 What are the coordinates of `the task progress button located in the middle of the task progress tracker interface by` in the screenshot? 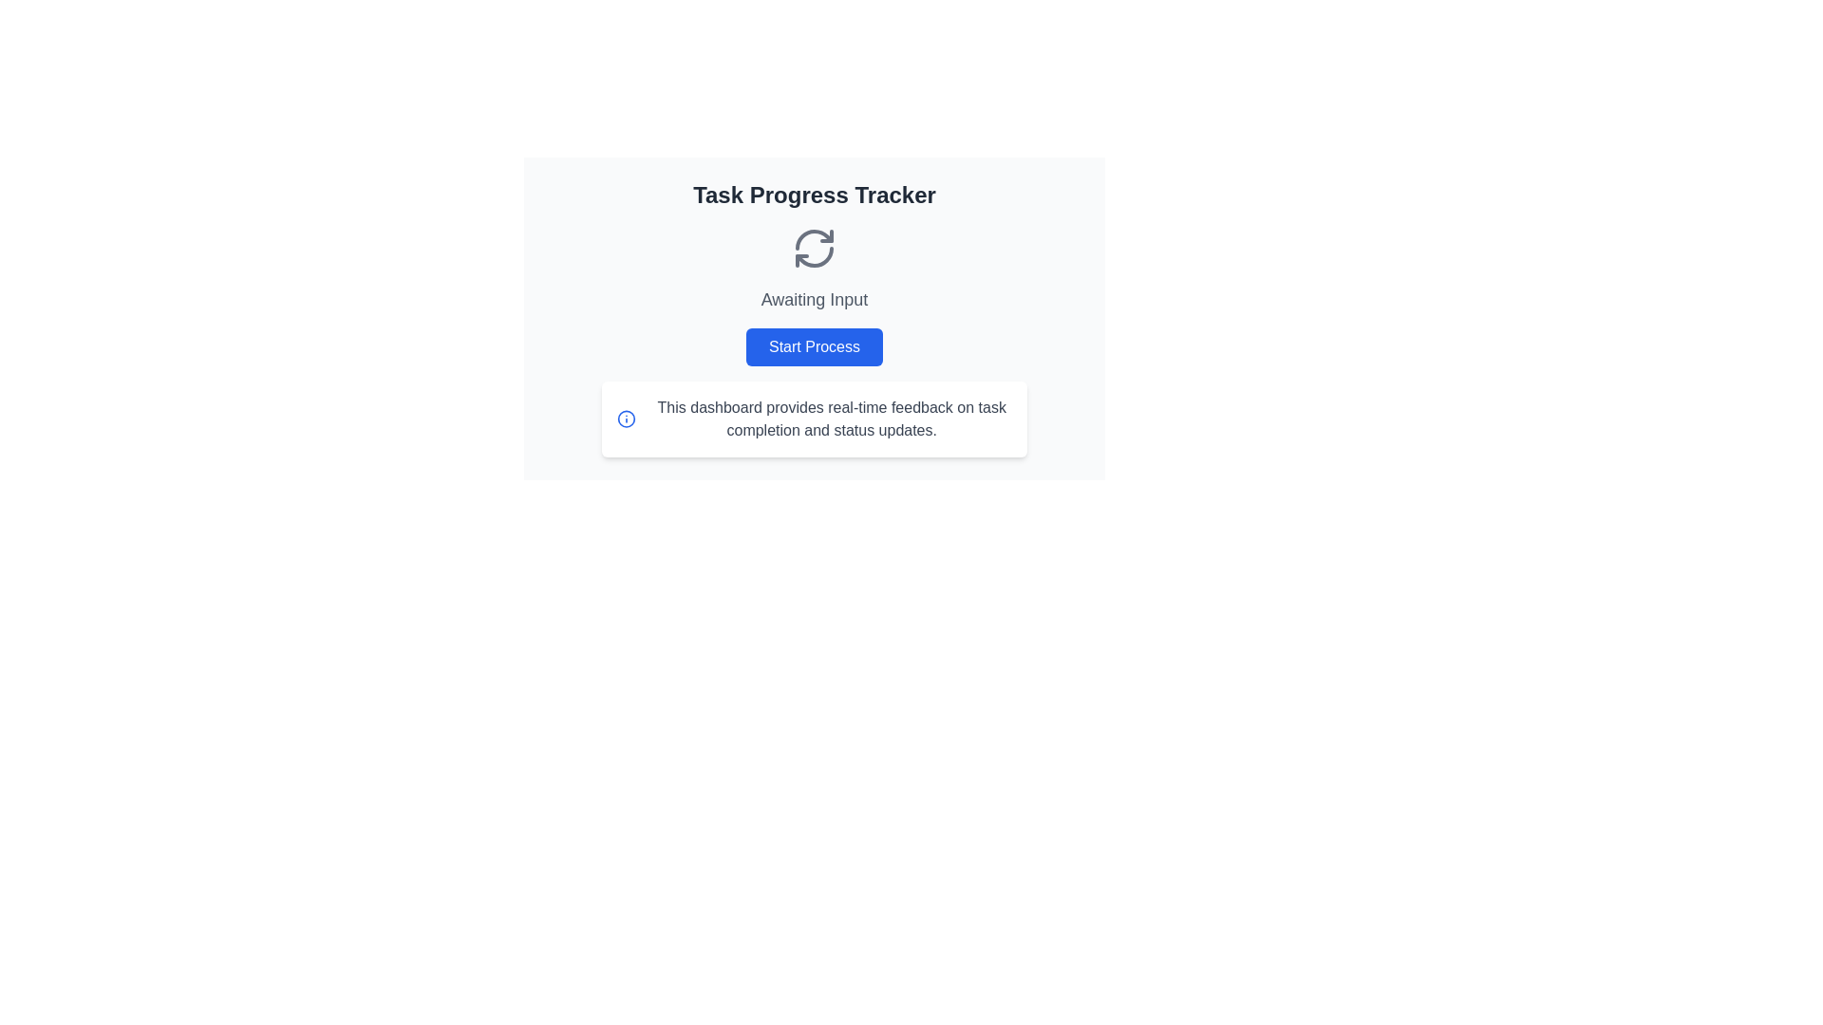 It's located at (815, 317).